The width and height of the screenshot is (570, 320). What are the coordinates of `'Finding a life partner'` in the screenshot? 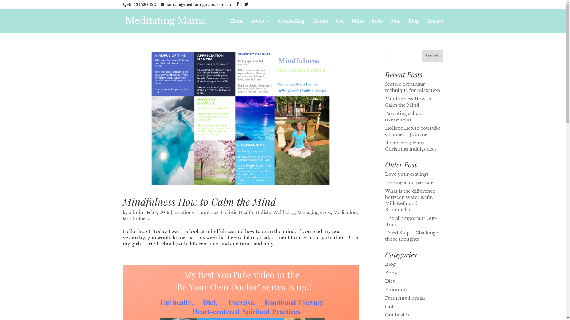 It's located at (408, 182).